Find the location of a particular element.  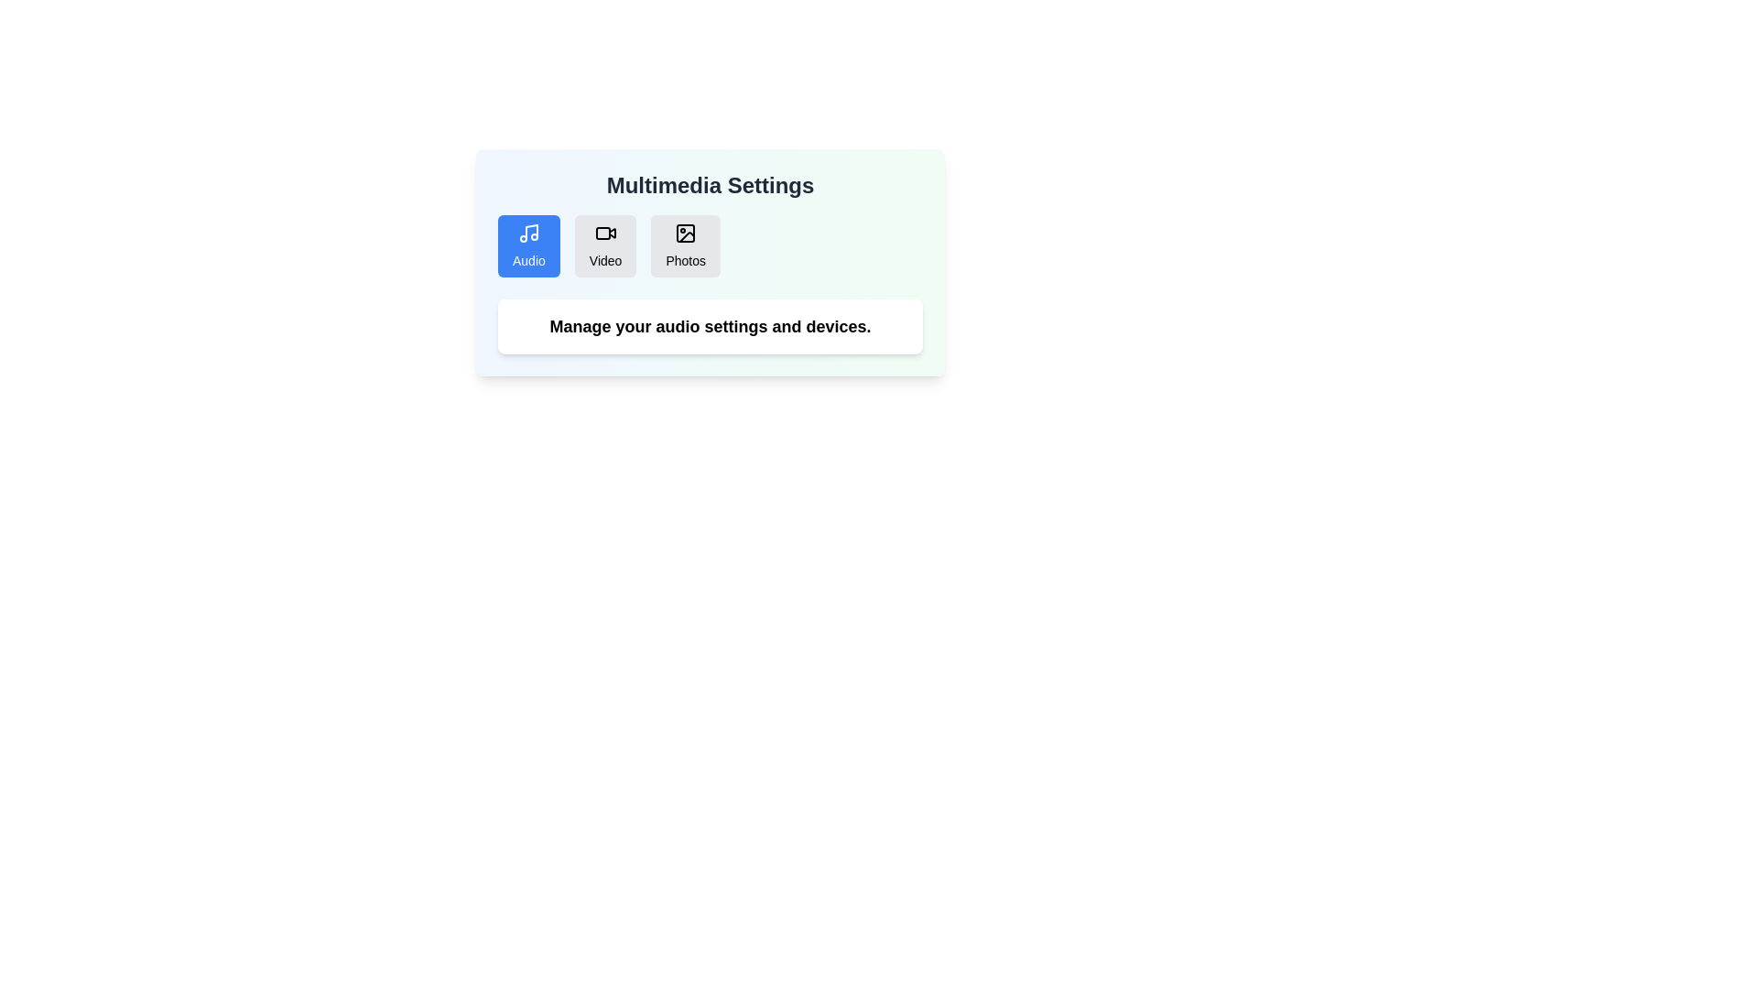

the musical note icon within the 'Audio' button, which is styled with a white stroke outline on a blue background is located at coordinates (527, 232).